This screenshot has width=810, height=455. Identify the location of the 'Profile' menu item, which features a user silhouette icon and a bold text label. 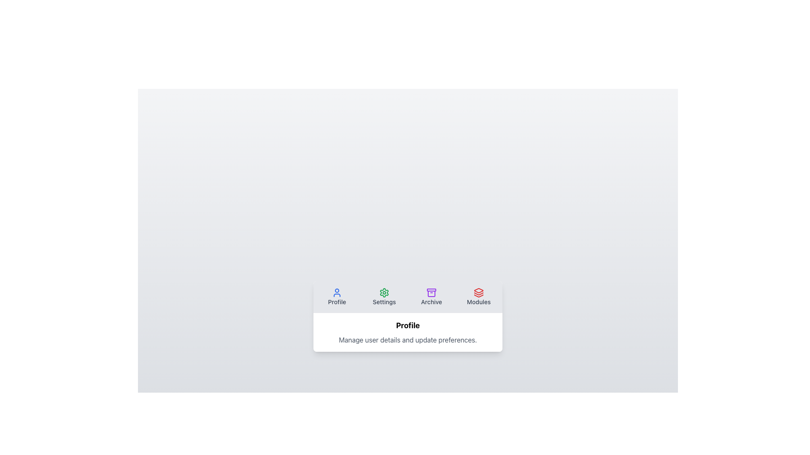
(336, 297).